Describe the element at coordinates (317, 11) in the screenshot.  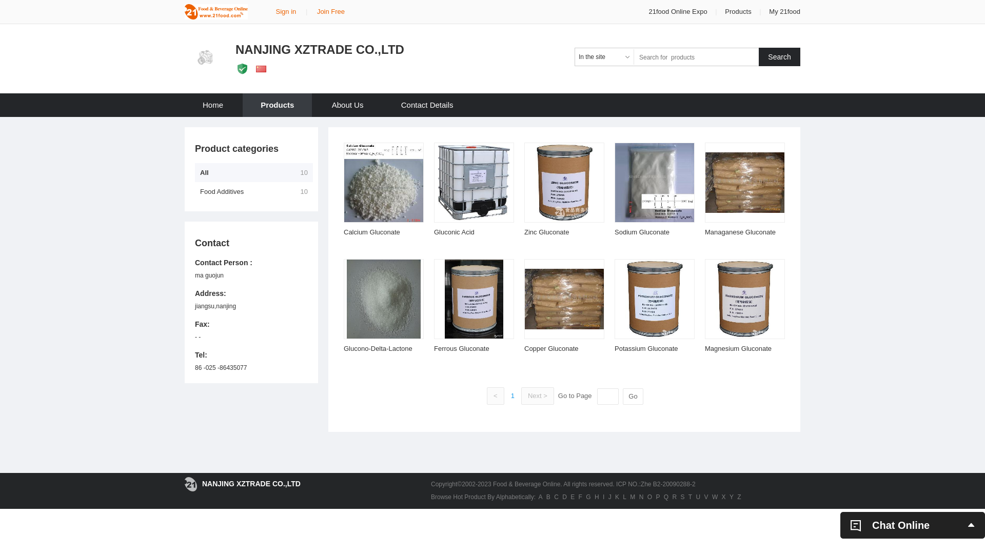
I see `'Join Free'` at that location.